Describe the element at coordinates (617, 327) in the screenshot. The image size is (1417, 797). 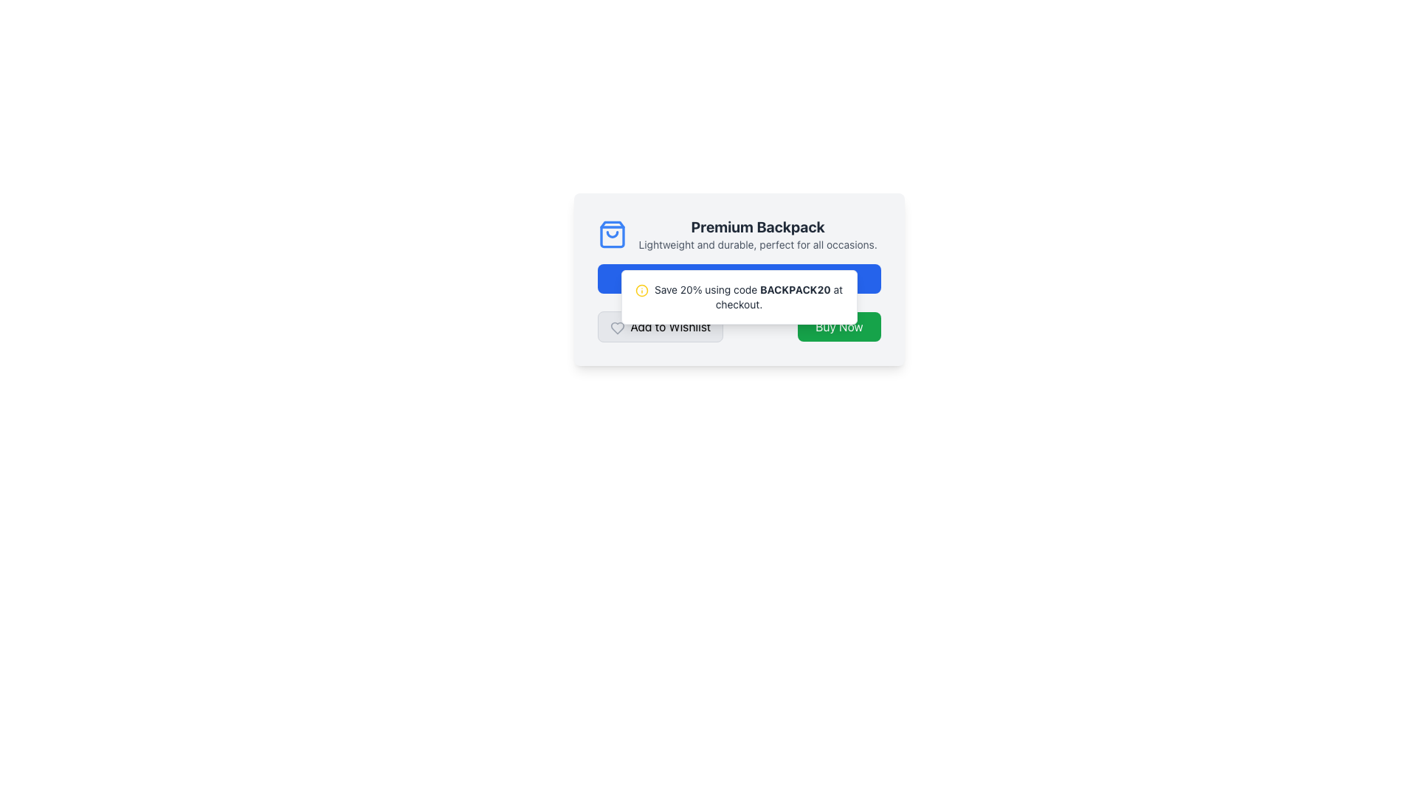
I see `the graphical representation of the heart-shaped icon that indicates a favorite or love status, located to the left of the 'Add to Wishlist' button beneath the promotional discount information for the 'Premium Backpack' item` at that location.